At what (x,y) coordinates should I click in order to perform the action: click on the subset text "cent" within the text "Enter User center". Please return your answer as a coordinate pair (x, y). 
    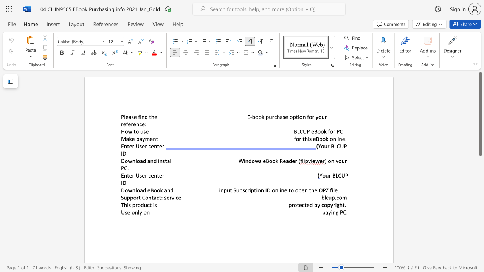
    Looking at the image, I should click on (148, 146).